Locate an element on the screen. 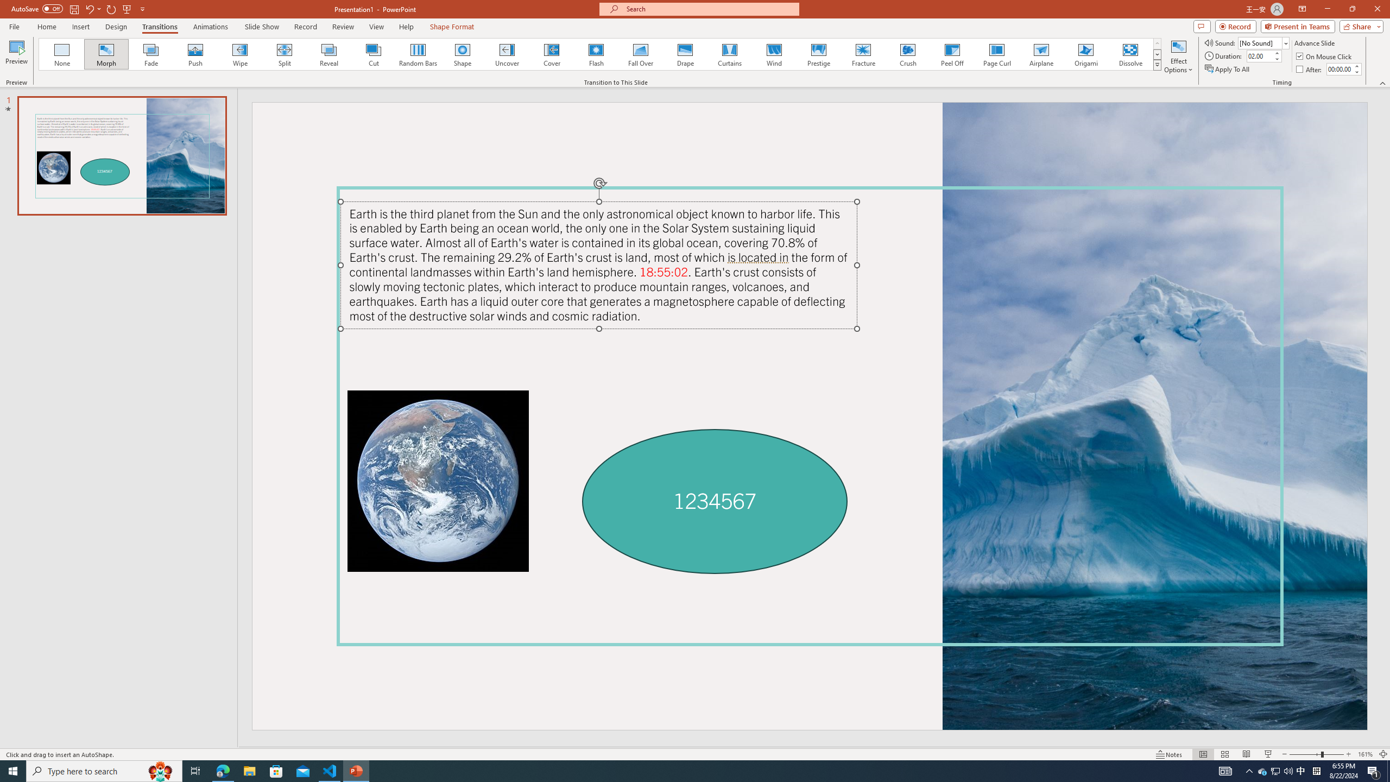 This screenshot has width=1390, height=782. 'Apply To All' is located at coordinates (1228, 69).